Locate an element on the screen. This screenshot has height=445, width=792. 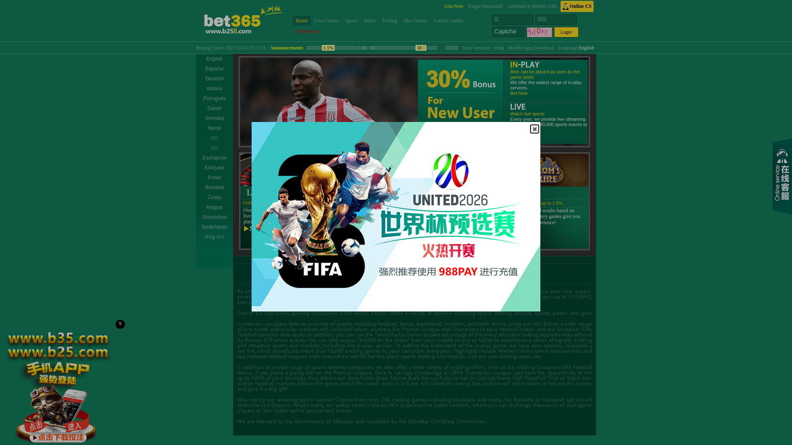
'Mobile App Download' is located at coordinates (508, 47).